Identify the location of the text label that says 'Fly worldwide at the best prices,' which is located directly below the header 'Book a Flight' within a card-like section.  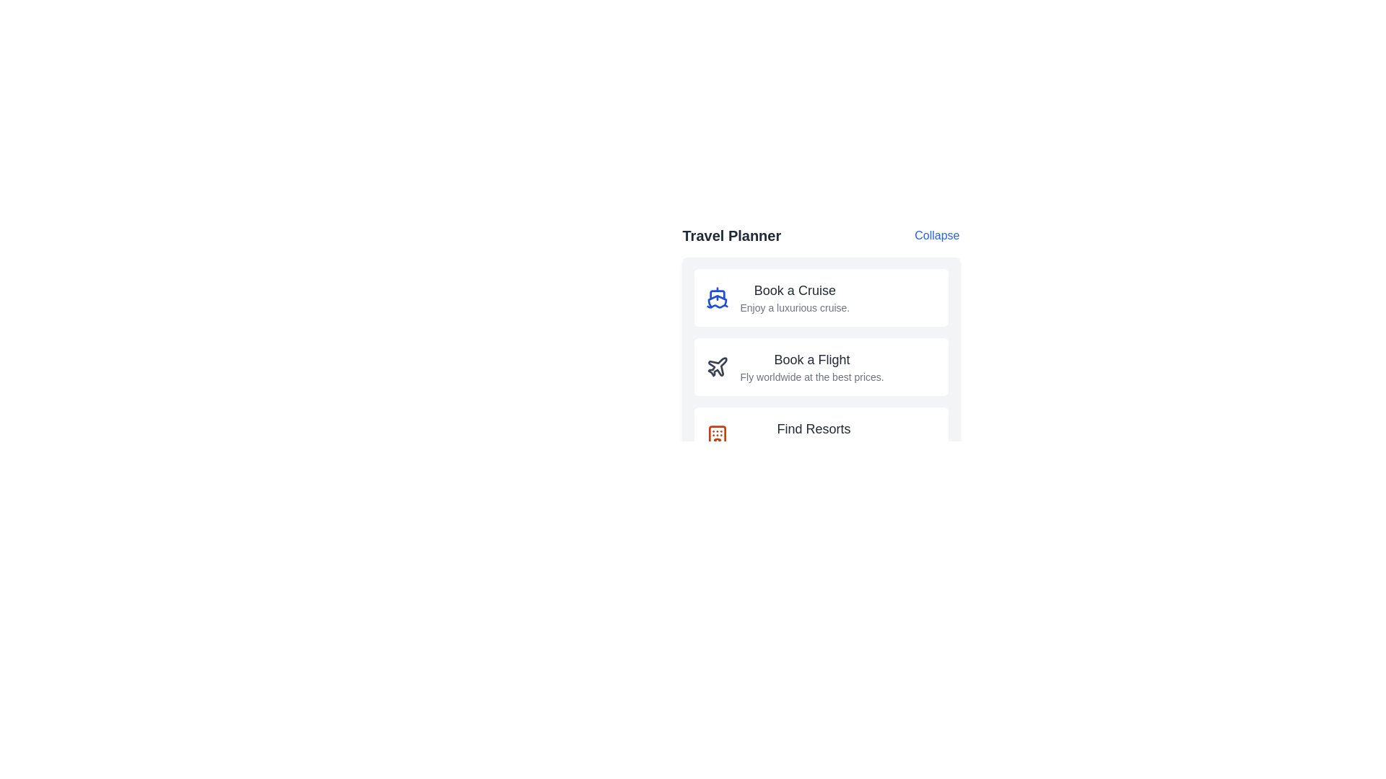
(812, 377).